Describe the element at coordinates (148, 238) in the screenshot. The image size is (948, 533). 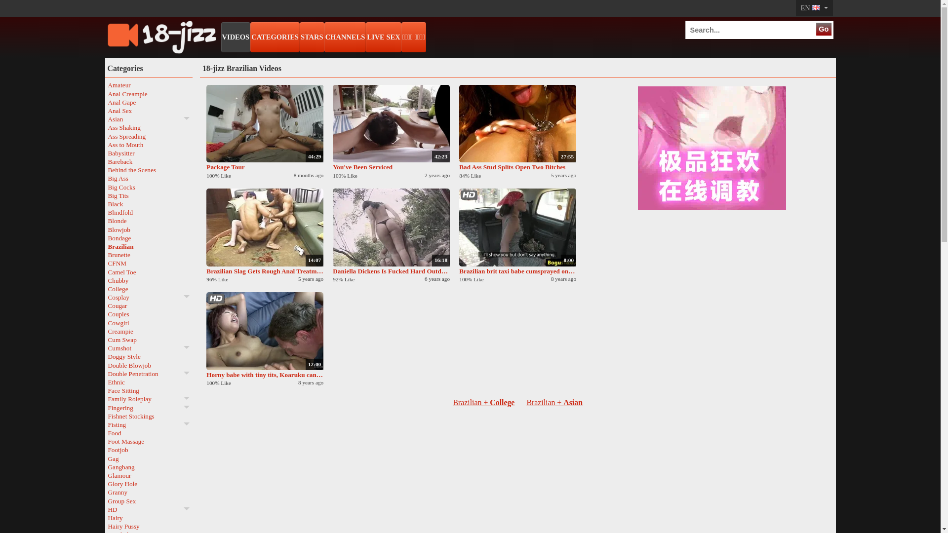
I see `'Bondage'` at that location.